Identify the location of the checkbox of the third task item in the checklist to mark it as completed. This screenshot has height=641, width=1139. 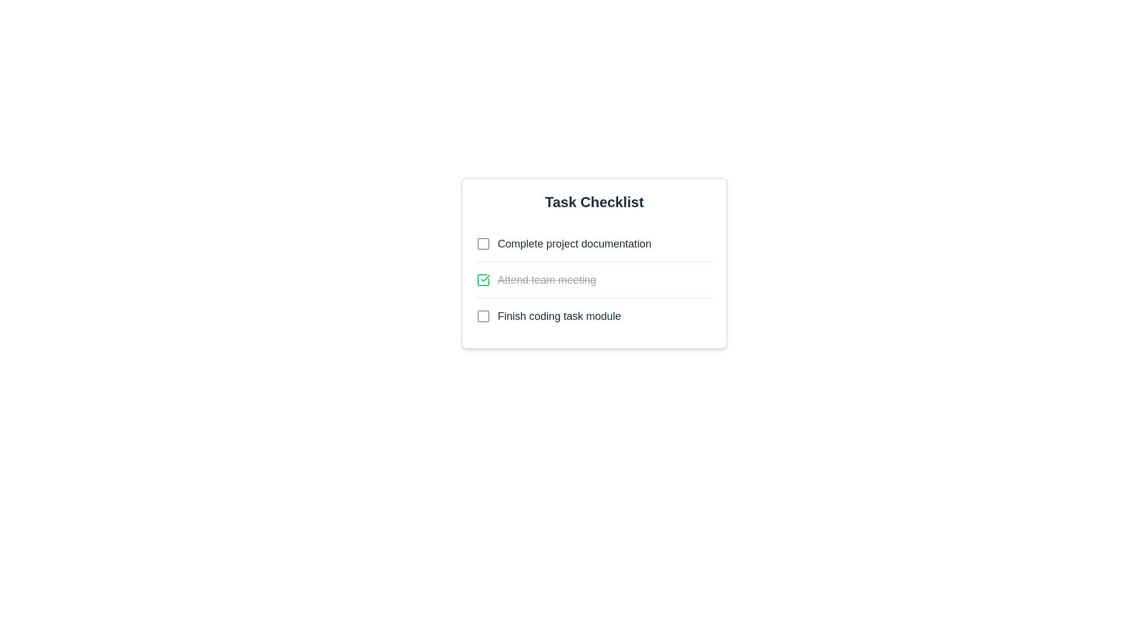
(594, 315).